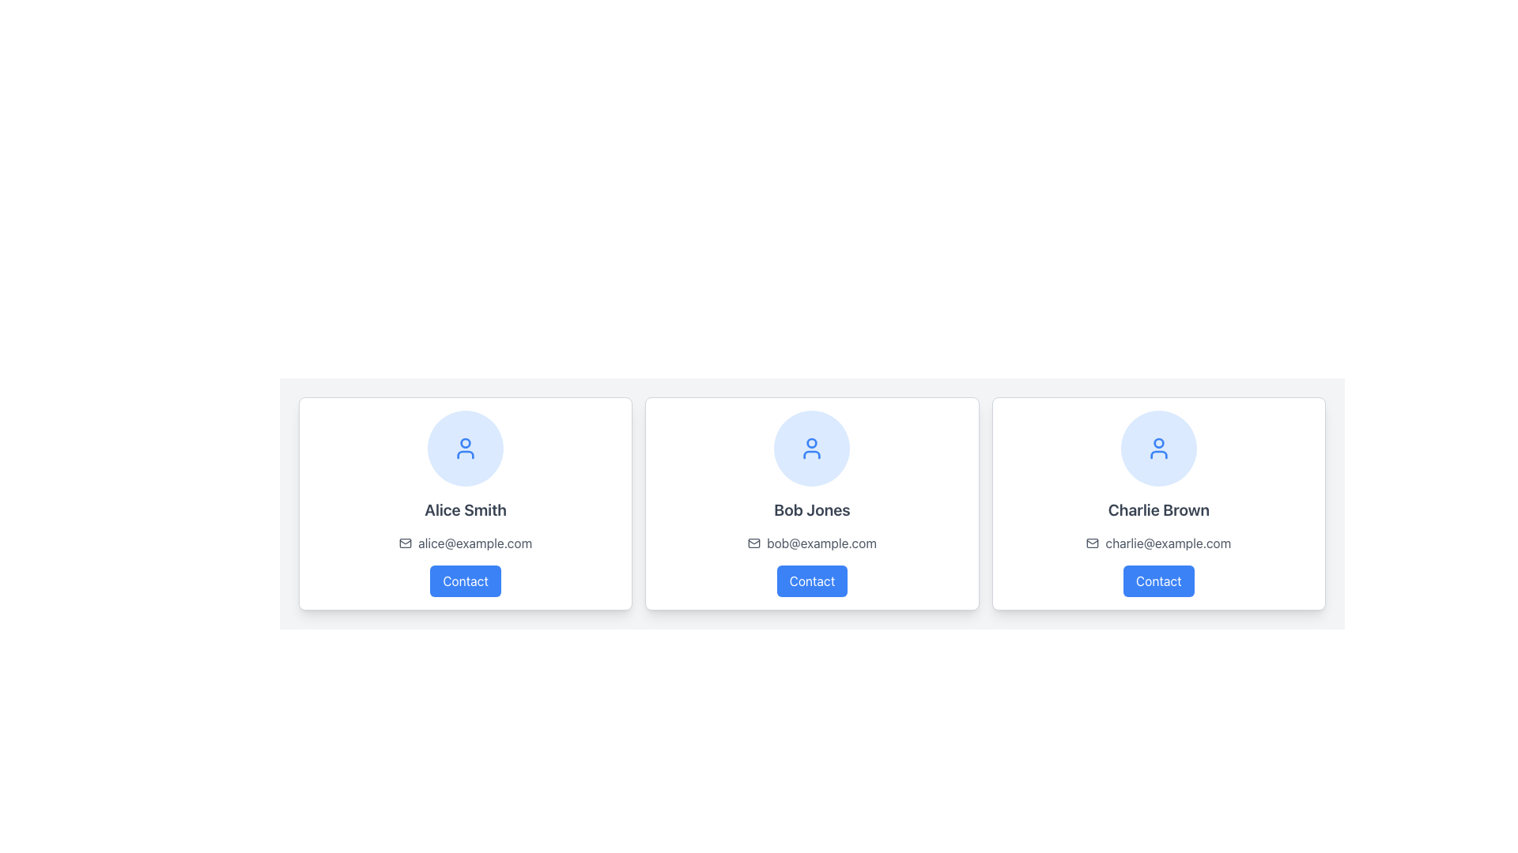 This screenshot has height=853, width=1518. What do you see at coordinates (821, 542) in the screenshot?
I see `the email address text 'bob@example.com' located below the name 'Bob Jones' in the user's contact information section` at bounding box center [821, 542].